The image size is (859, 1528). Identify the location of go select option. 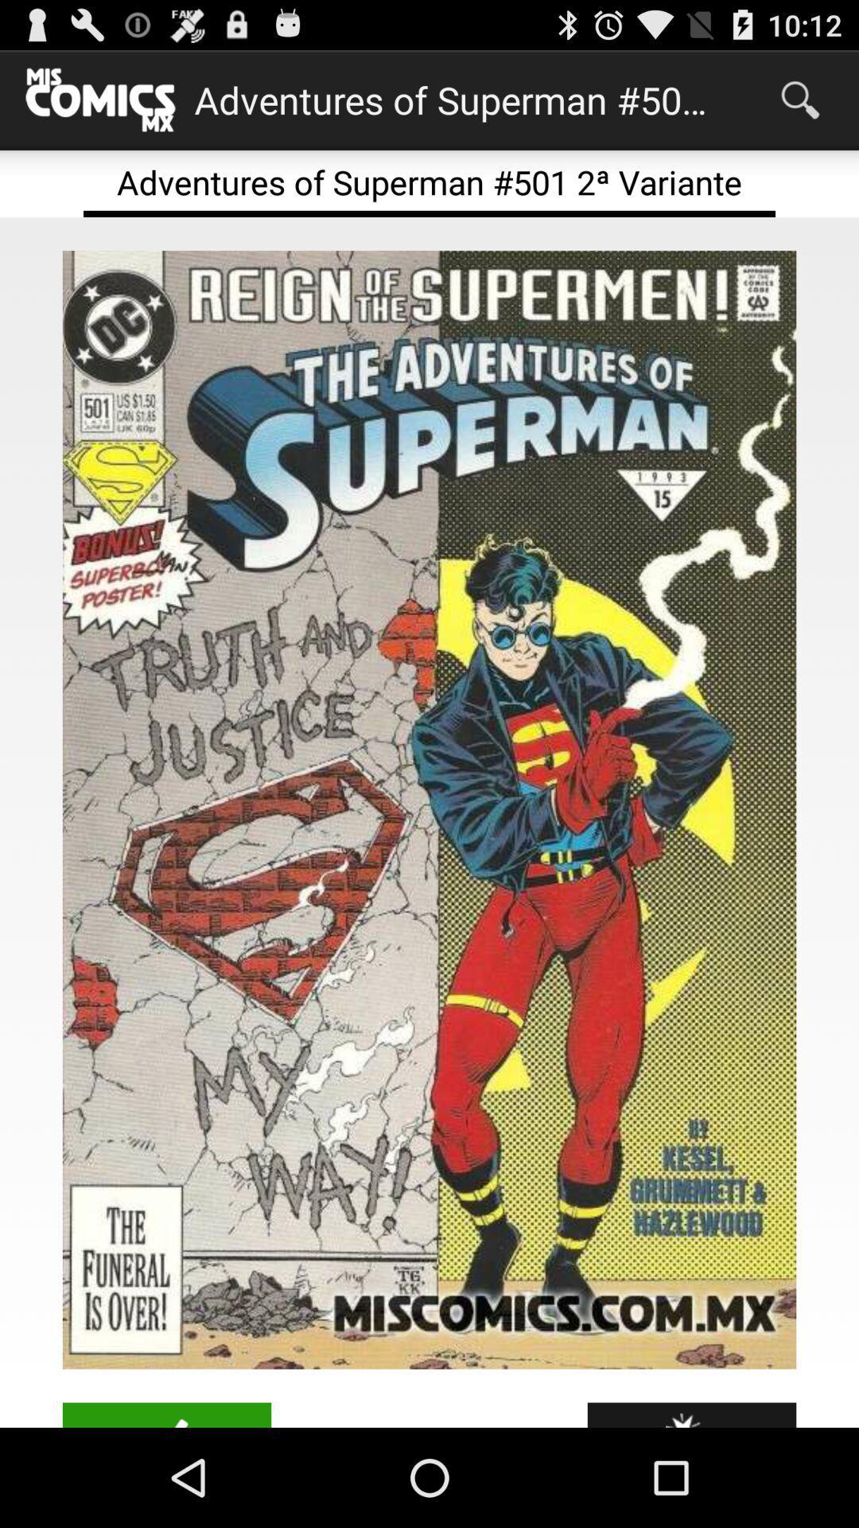
(166, 1415).